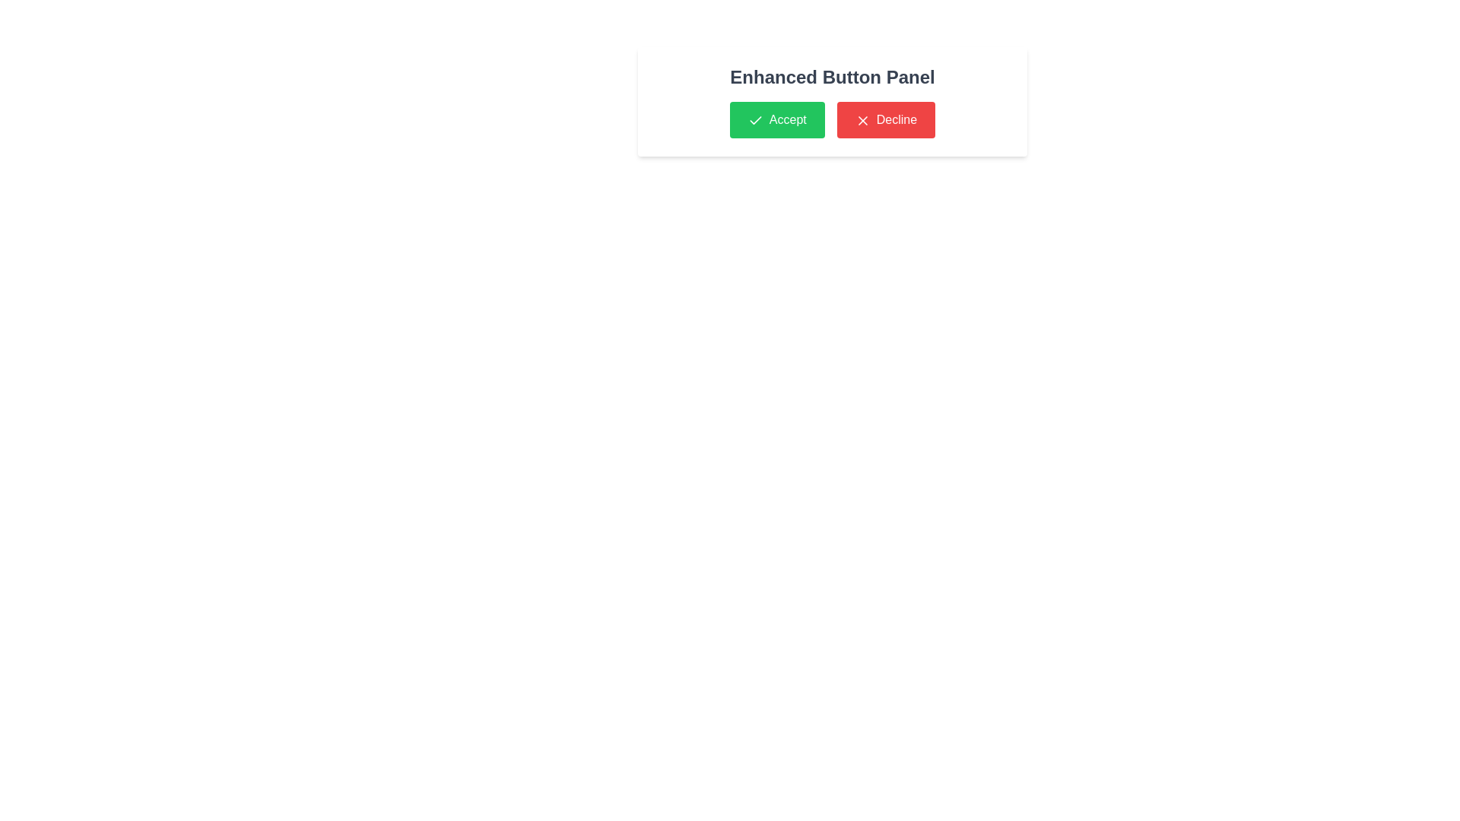 Image resolution: width=1460 pixels, height=821 pixels. What do you see at coordinates (862, 119) in the screenshot?
I see `the decorative icon embedded within the red 'Decline' button located on the right side of the 'Enhanced Button Panel'` at bounding box center [862, 119].